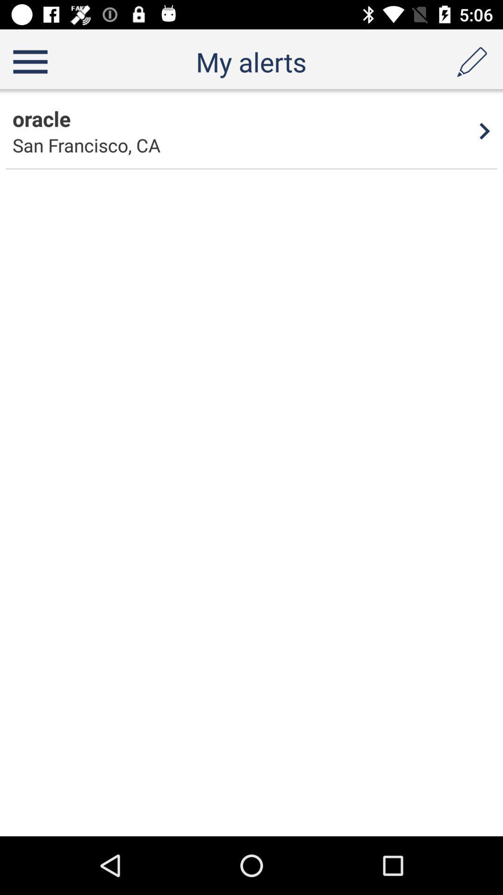 This screenshot has height=895, width=503. I want to click on the app below the 0 app, so click(41, 118).